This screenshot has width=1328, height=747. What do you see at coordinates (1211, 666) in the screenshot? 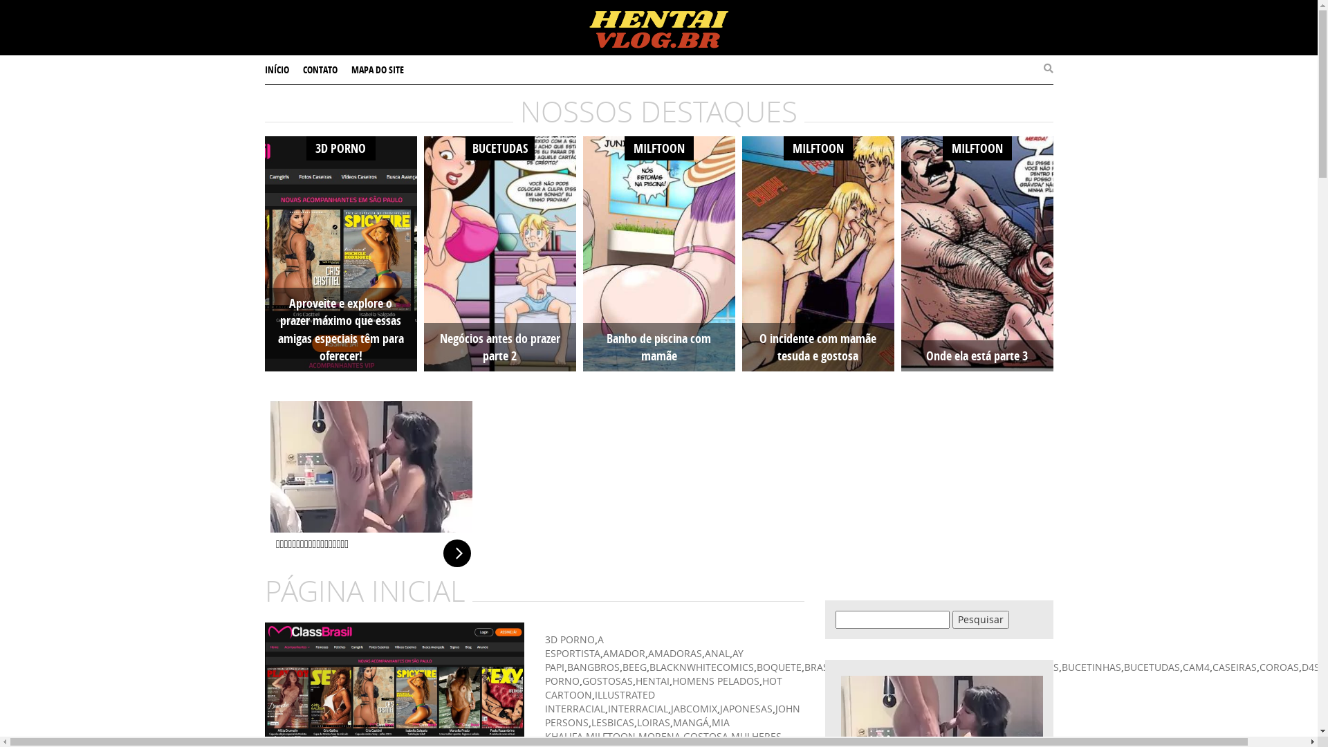
I see `'CASEIRAS,'` at bounding box center [1211, 666].